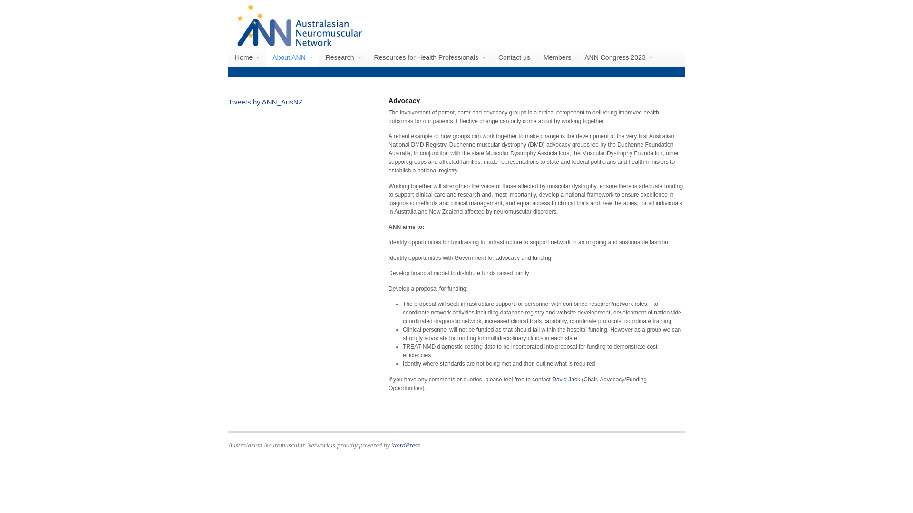 The height and width of the screenshot is (513, 913). I want to click on 'About ANN', so click(291, 57).